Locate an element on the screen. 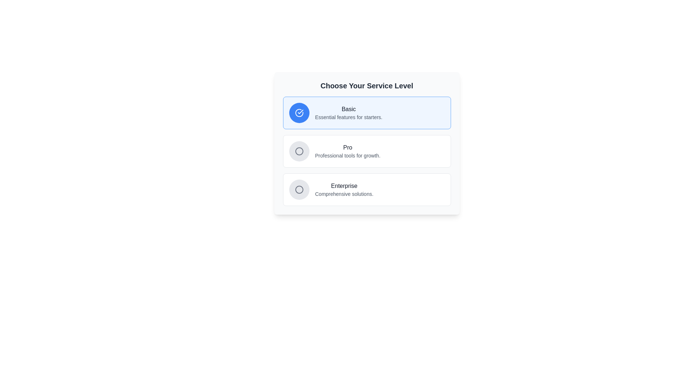 The image size is (695, 391). text grouping that contains 'Enterprise' in bold at the top and 'Comprehensive solutions.' in smaller text beneath it, located at the bottom of a vertical list of options is located at coordinates (344, 189).